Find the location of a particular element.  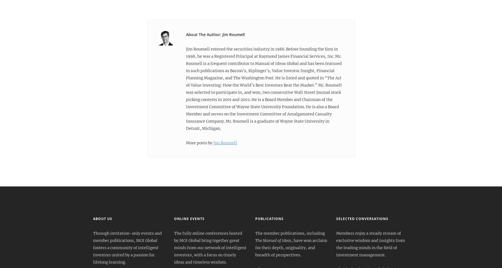

'About The Author: Jim Roumell' is located at coordinates (215, 34).